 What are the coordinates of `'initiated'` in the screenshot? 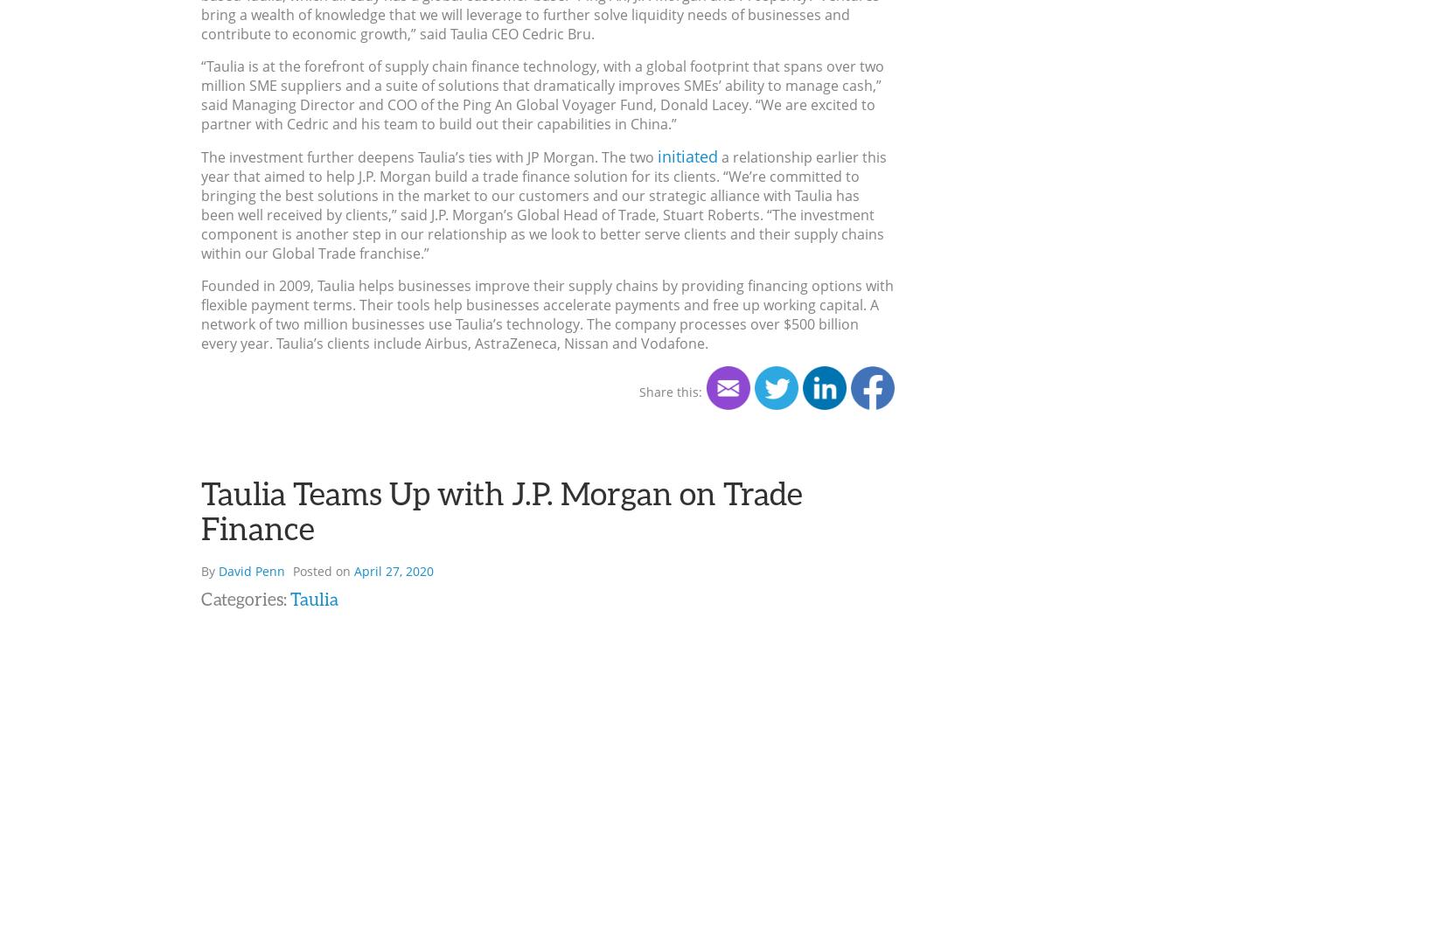 It's located at (687, 156).